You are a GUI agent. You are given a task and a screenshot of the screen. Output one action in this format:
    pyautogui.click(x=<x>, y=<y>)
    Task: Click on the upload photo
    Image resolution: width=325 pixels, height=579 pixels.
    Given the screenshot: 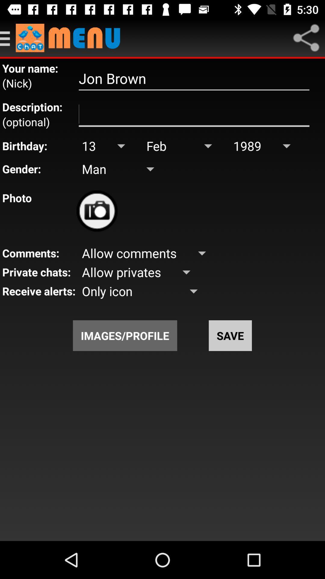 What is the action you would take?
    pyautogui.click(x=97, y=211)
    